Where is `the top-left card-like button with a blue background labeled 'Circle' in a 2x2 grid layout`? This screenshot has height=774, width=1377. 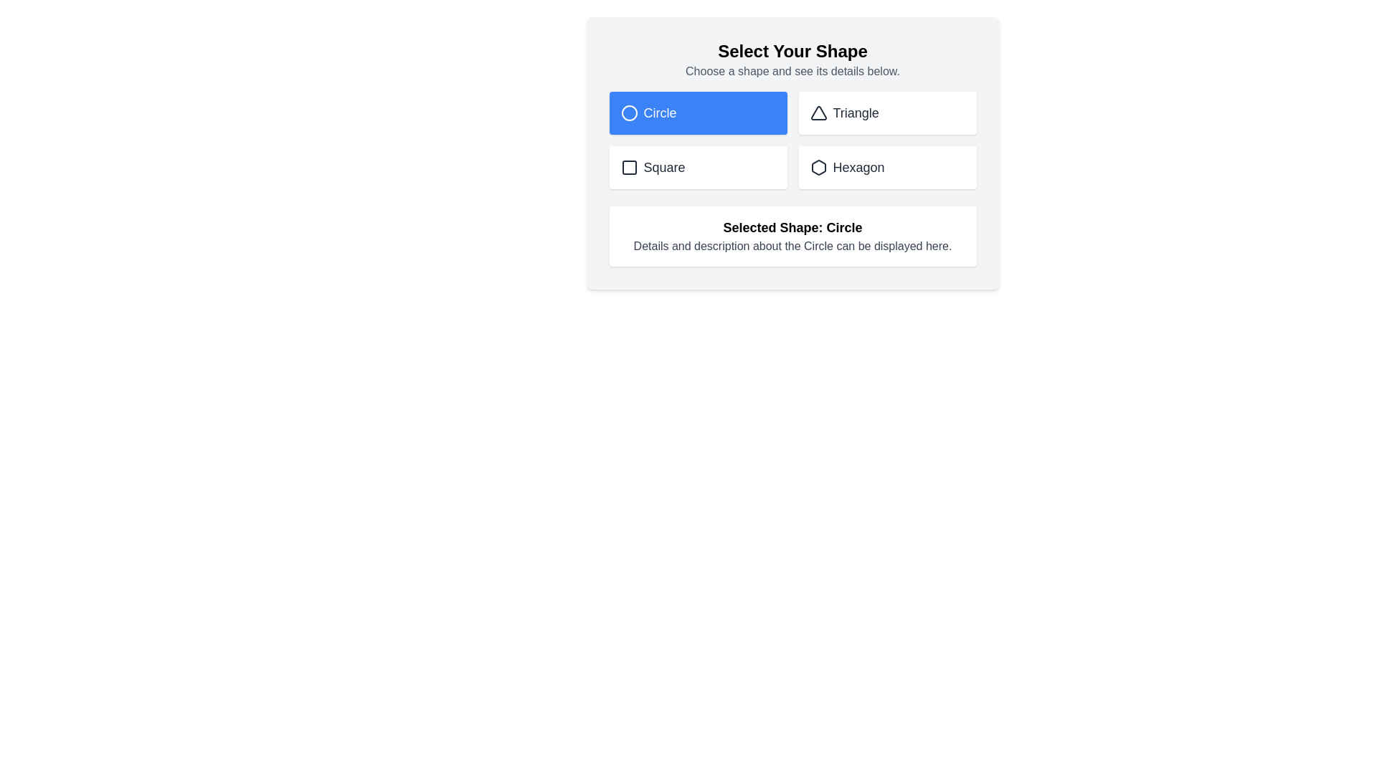 the top-left card-like button with a blue background labeled 'Circle' in a 2x2 grid layout is located at coordinates (698, 113).